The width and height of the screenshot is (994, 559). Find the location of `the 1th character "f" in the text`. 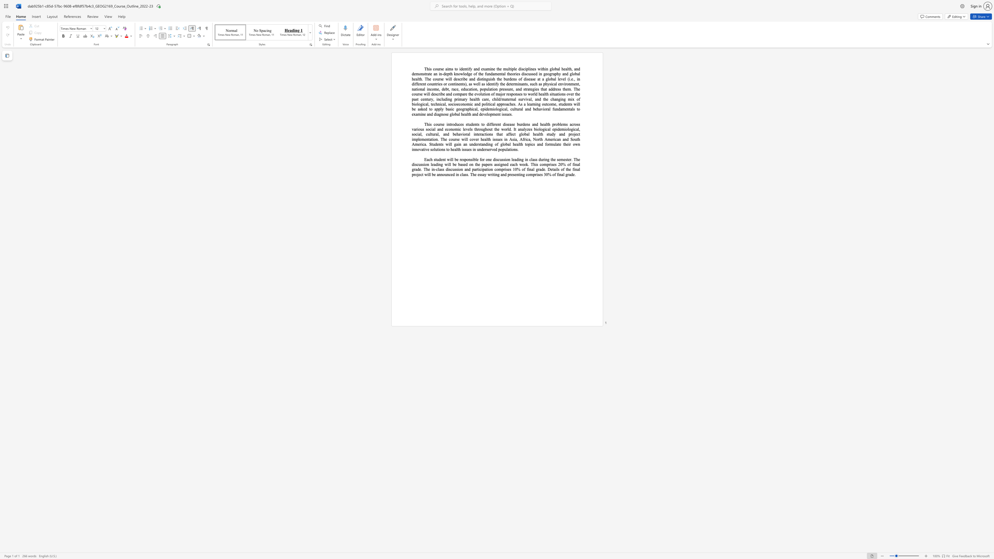

the 1th character "f" in the text is located at coordinates (553, 109).